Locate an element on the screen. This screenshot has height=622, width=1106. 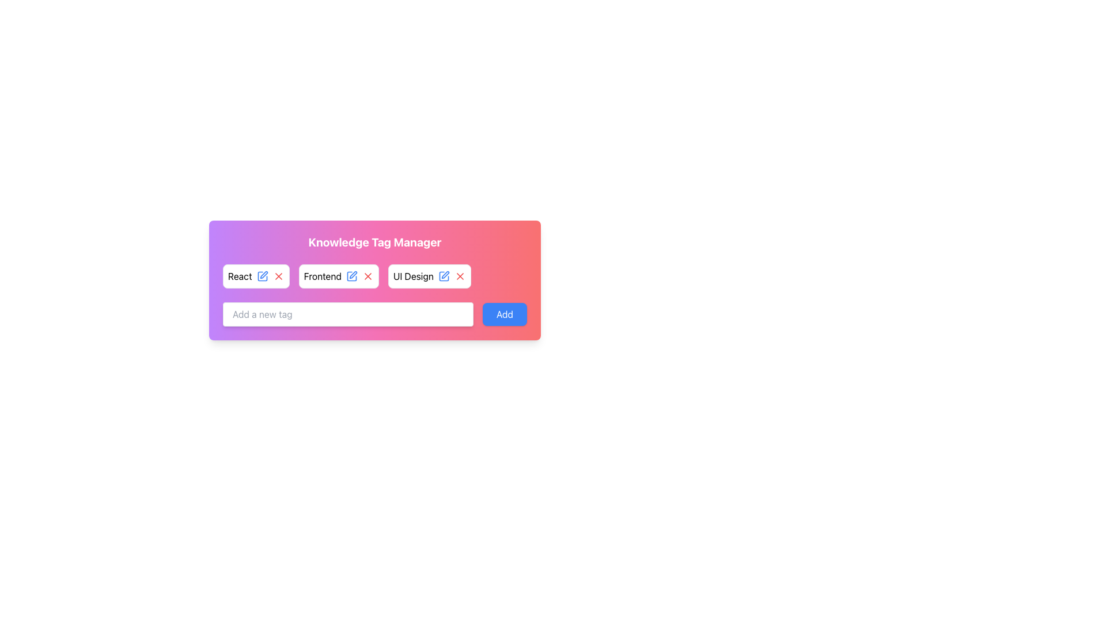
the red 'X' close button located to the right of the 'React' text in the tag is located at coordinates (278, 276).